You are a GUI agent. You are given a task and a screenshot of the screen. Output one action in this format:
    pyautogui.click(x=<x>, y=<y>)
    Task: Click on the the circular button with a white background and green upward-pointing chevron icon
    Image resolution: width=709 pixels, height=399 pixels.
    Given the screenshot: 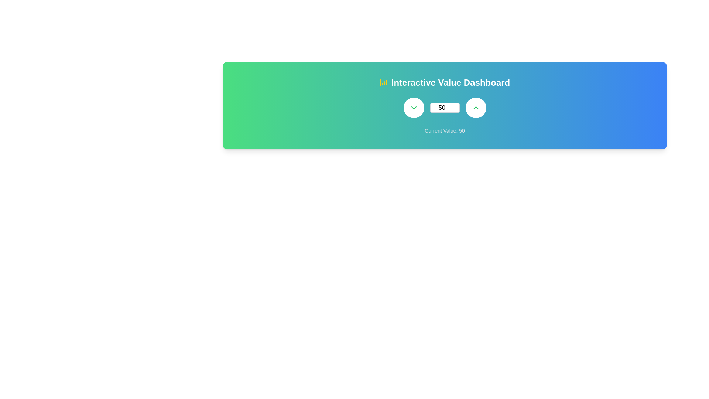 What is the action you would take?
    pyautogui.click(x=476, y=108)
    